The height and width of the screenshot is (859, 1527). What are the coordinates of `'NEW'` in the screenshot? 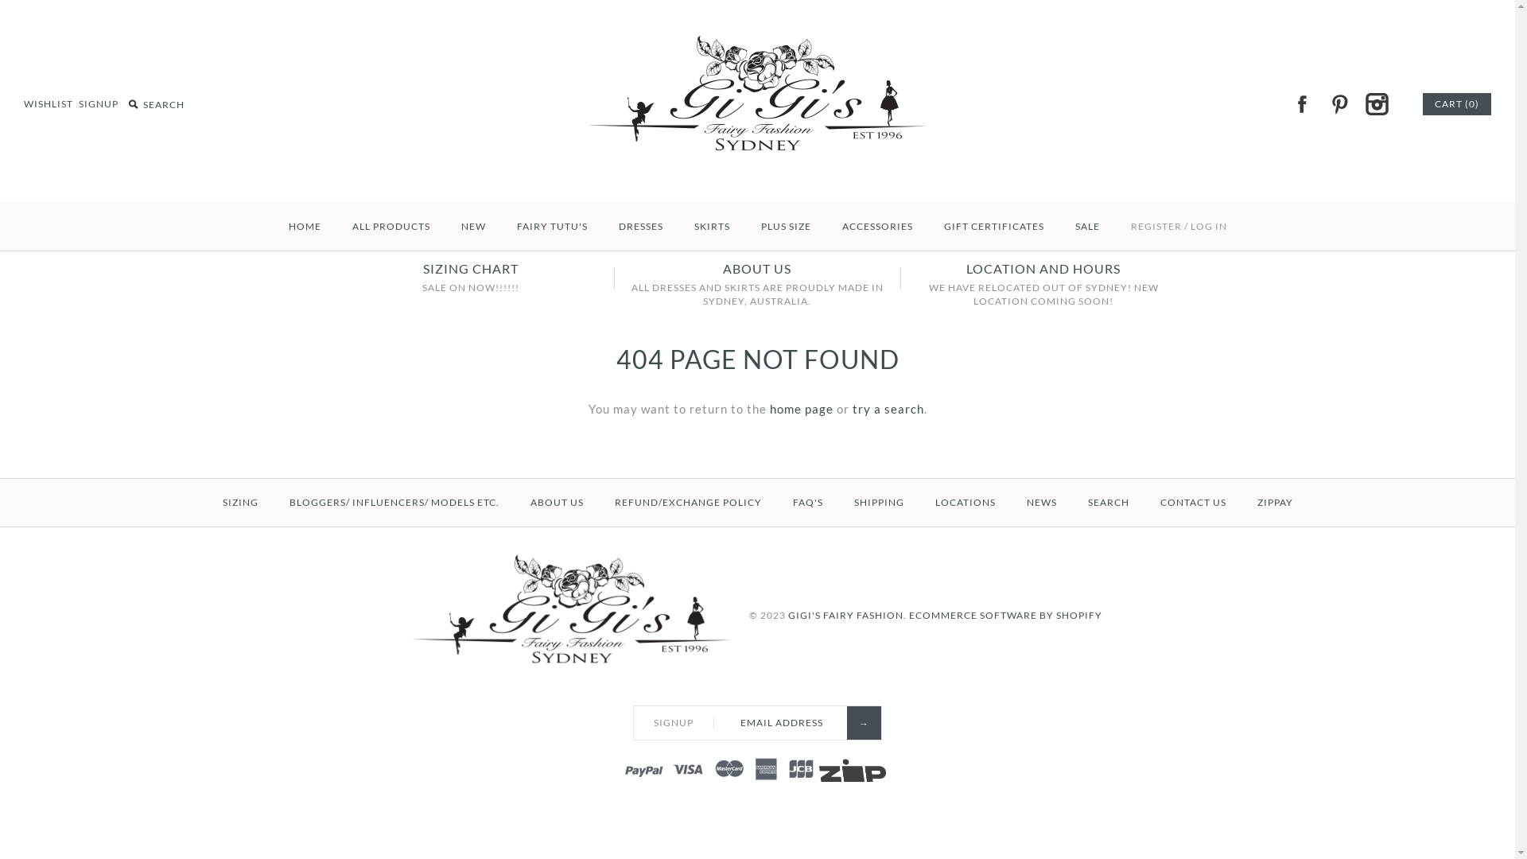 It's located at (472, 227).